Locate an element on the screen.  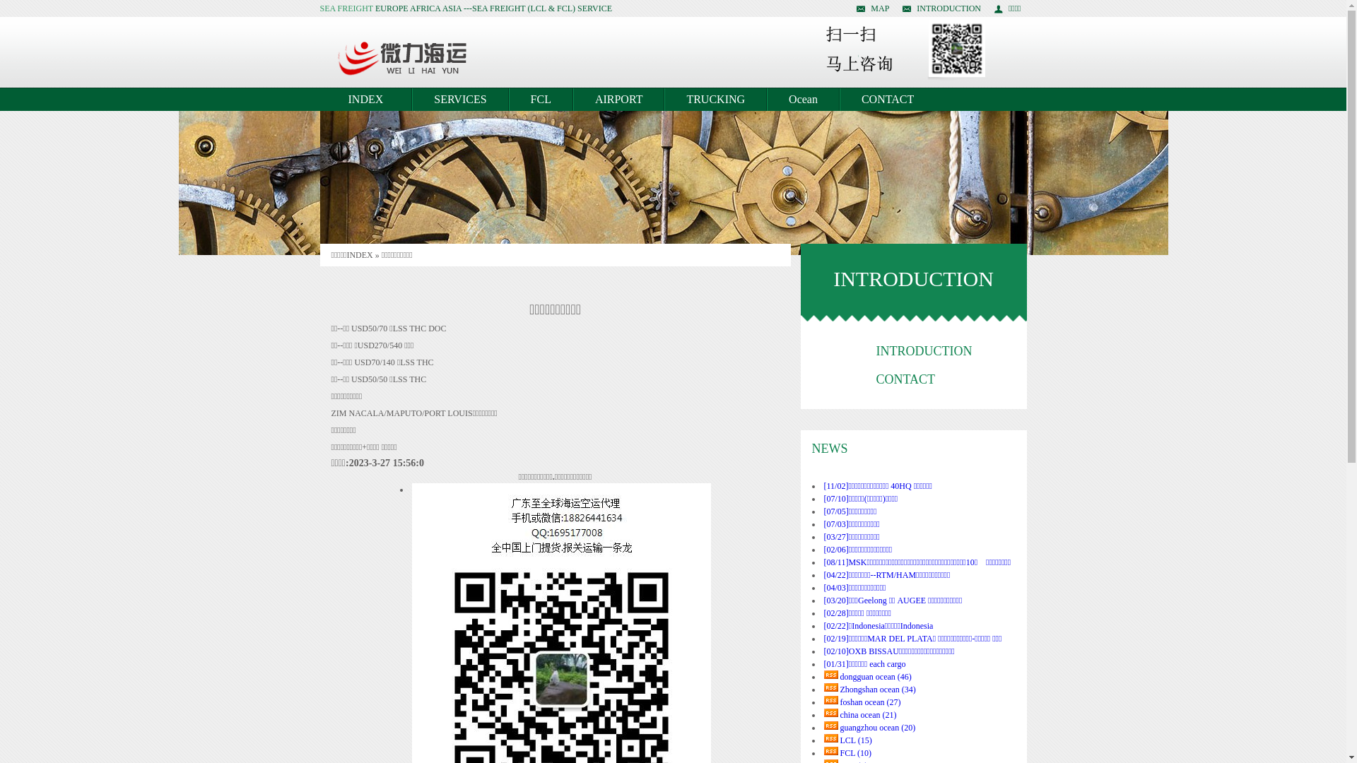
'FCL' is located at coordinates (540, 99).